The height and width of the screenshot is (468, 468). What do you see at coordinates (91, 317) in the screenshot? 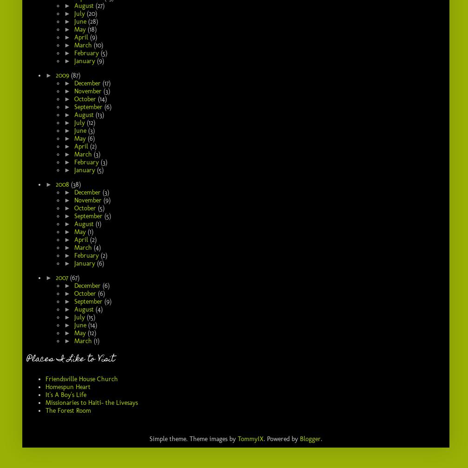
I see `'(15)'` at bounding box center [91, 317].